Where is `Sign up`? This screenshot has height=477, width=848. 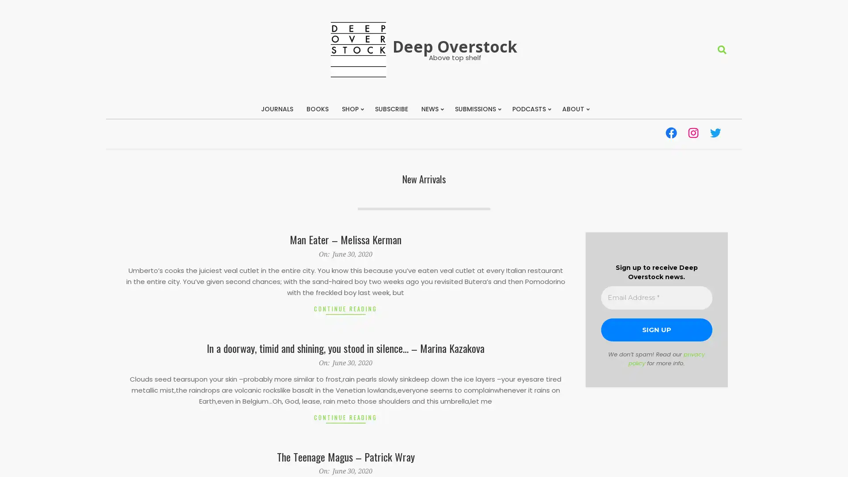
Sign up is located at coordinates (656, 329).